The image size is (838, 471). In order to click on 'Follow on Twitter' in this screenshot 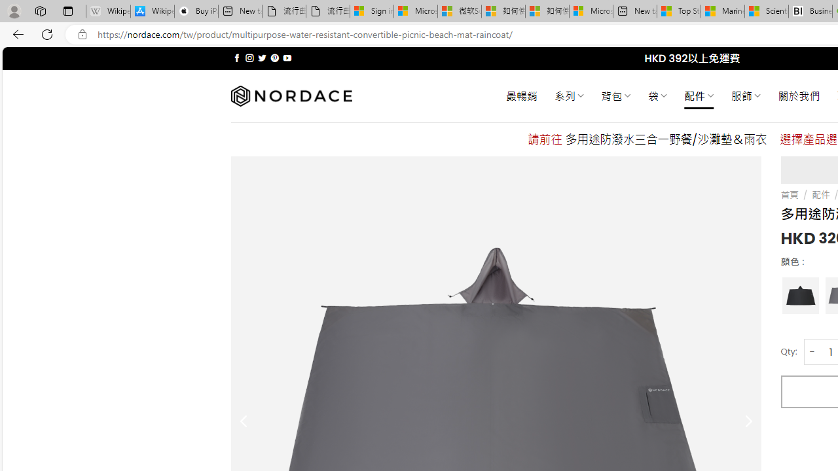, I will do `click(262, 58)`.